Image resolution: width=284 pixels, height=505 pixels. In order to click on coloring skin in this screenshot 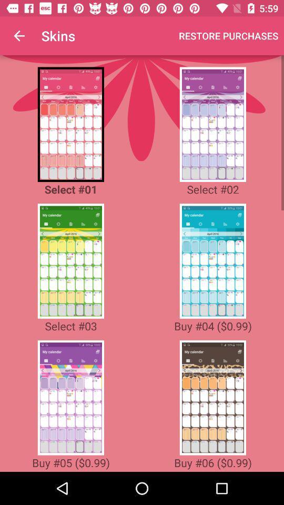, I will do `click(70, 124)`.